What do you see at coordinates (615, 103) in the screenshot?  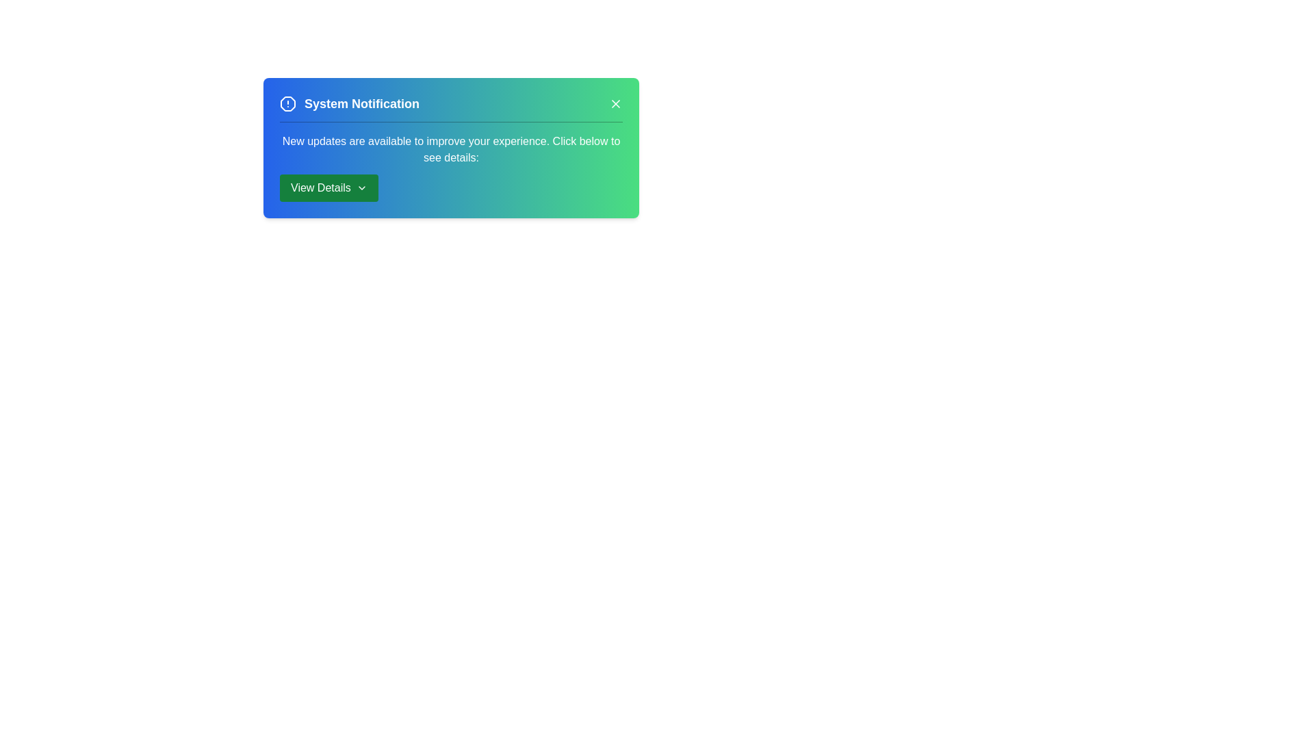 I see `the close button (X) to close the alert` at bounding box center [615, 103].